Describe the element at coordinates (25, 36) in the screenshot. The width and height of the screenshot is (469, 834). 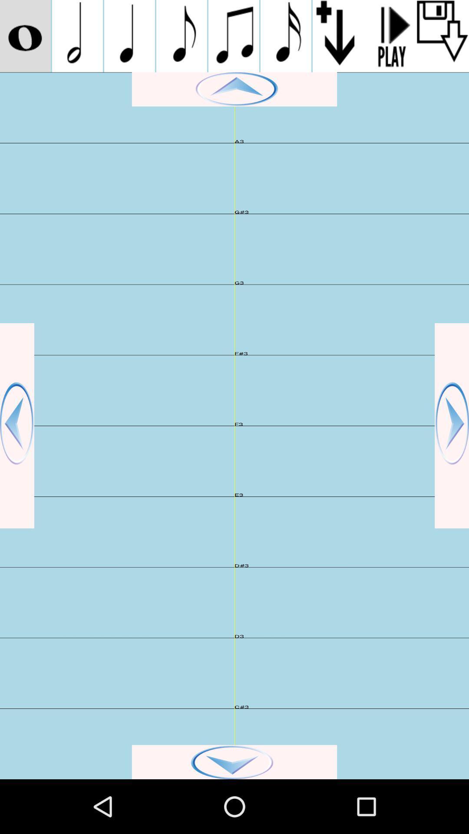
I see `other` at that location.